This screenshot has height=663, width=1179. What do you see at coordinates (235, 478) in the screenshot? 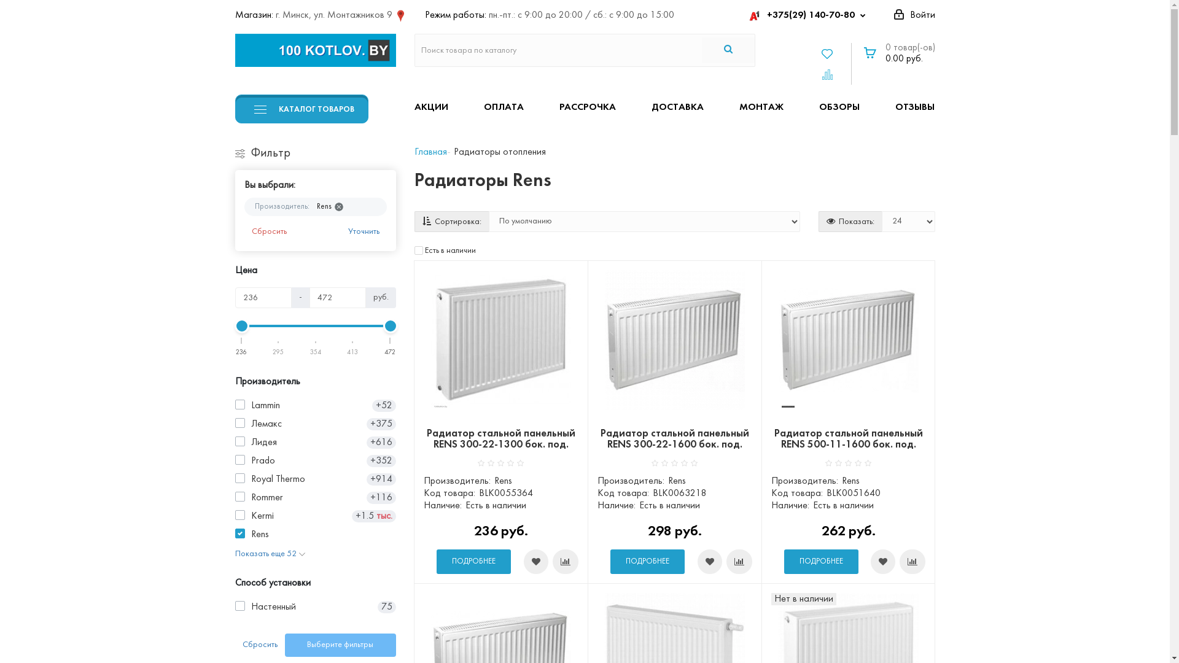
I see `'Royal Thermo` at bounding box center [235, 478].